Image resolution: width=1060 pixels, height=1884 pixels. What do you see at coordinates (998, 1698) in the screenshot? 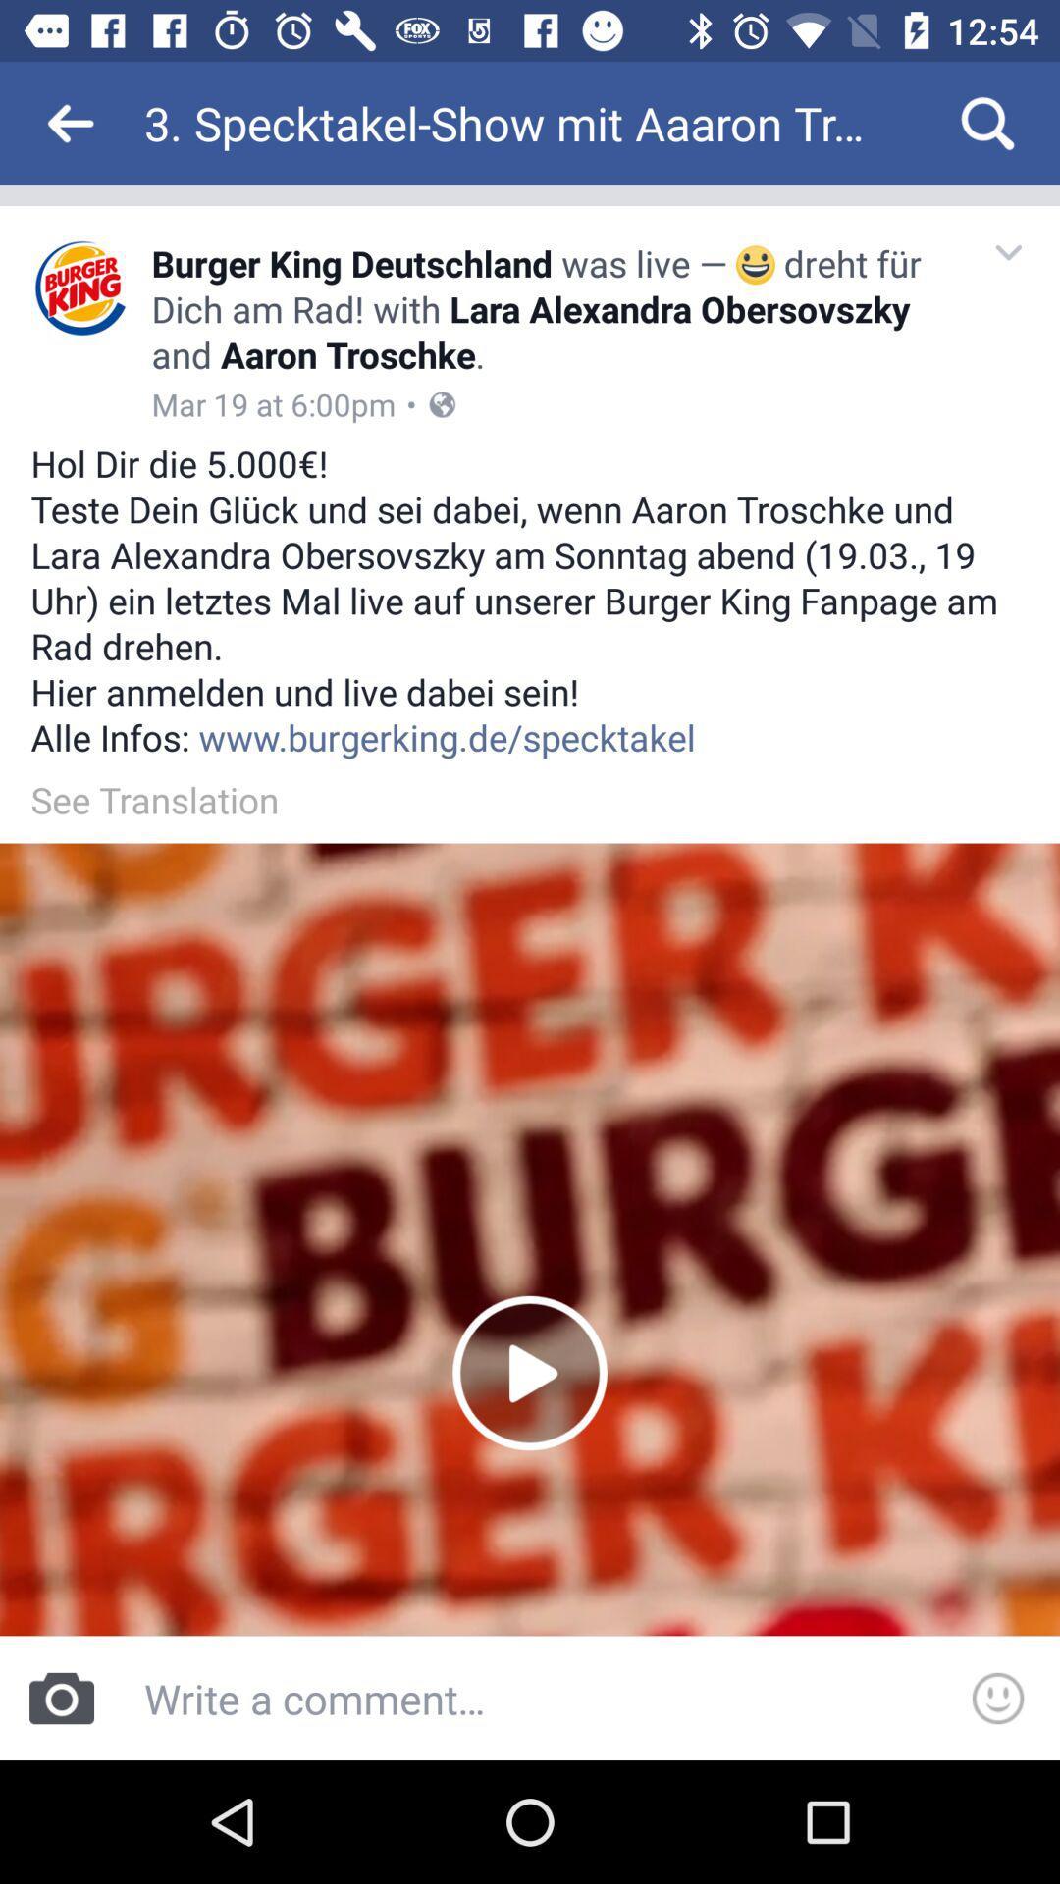
I see `the emoji icon` at bounding box center [998, 1698].